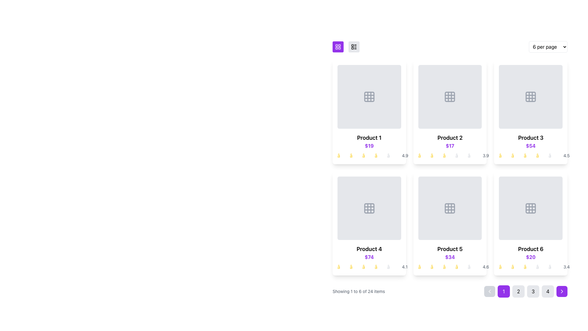 This screenshot has width=588, height=331. Describe the element at coordinates (530, 267) in the screenshot. I see `the Rating display for 'Product 6', which consists of five star symbols with three filled in yellow and two grayed out, located under the price '$20'` at that location.